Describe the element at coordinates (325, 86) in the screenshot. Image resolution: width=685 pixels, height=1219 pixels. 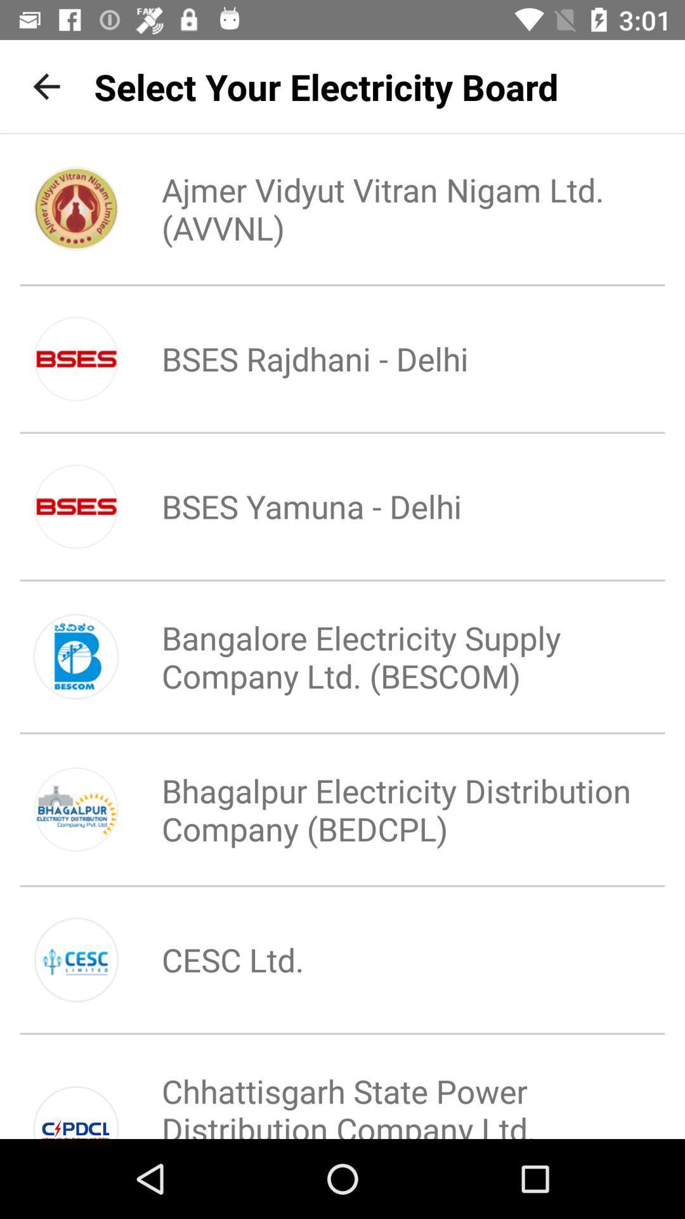
I see `select your electricity item` at that location.